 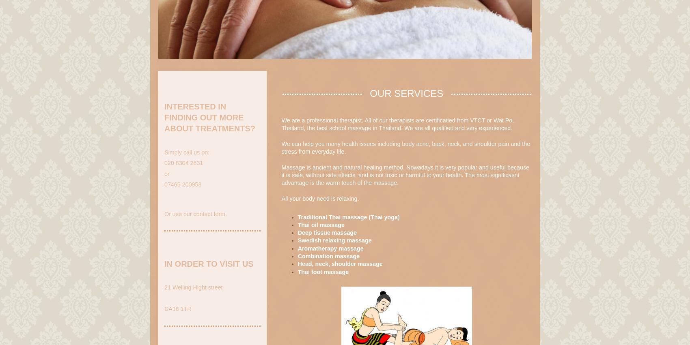 What do you see at coordinates (323, 271) in the screenshot?
I see `'Thai foot
massage'` at bounding box center [323, 271].